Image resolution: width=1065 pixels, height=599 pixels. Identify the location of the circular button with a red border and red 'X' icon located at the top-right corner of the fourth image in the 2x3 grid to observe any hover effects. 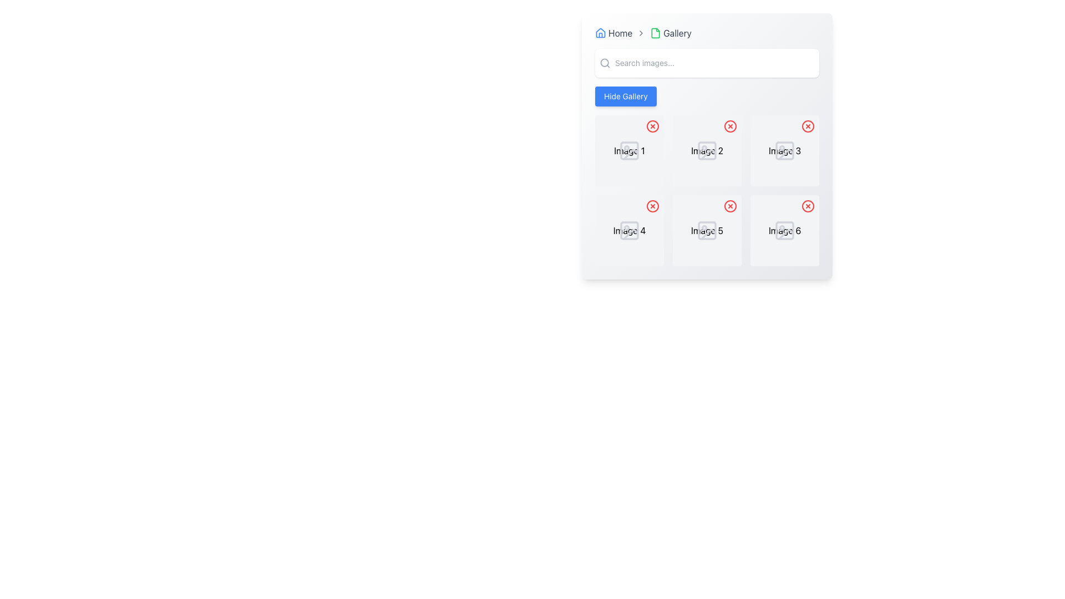
(652, 206).